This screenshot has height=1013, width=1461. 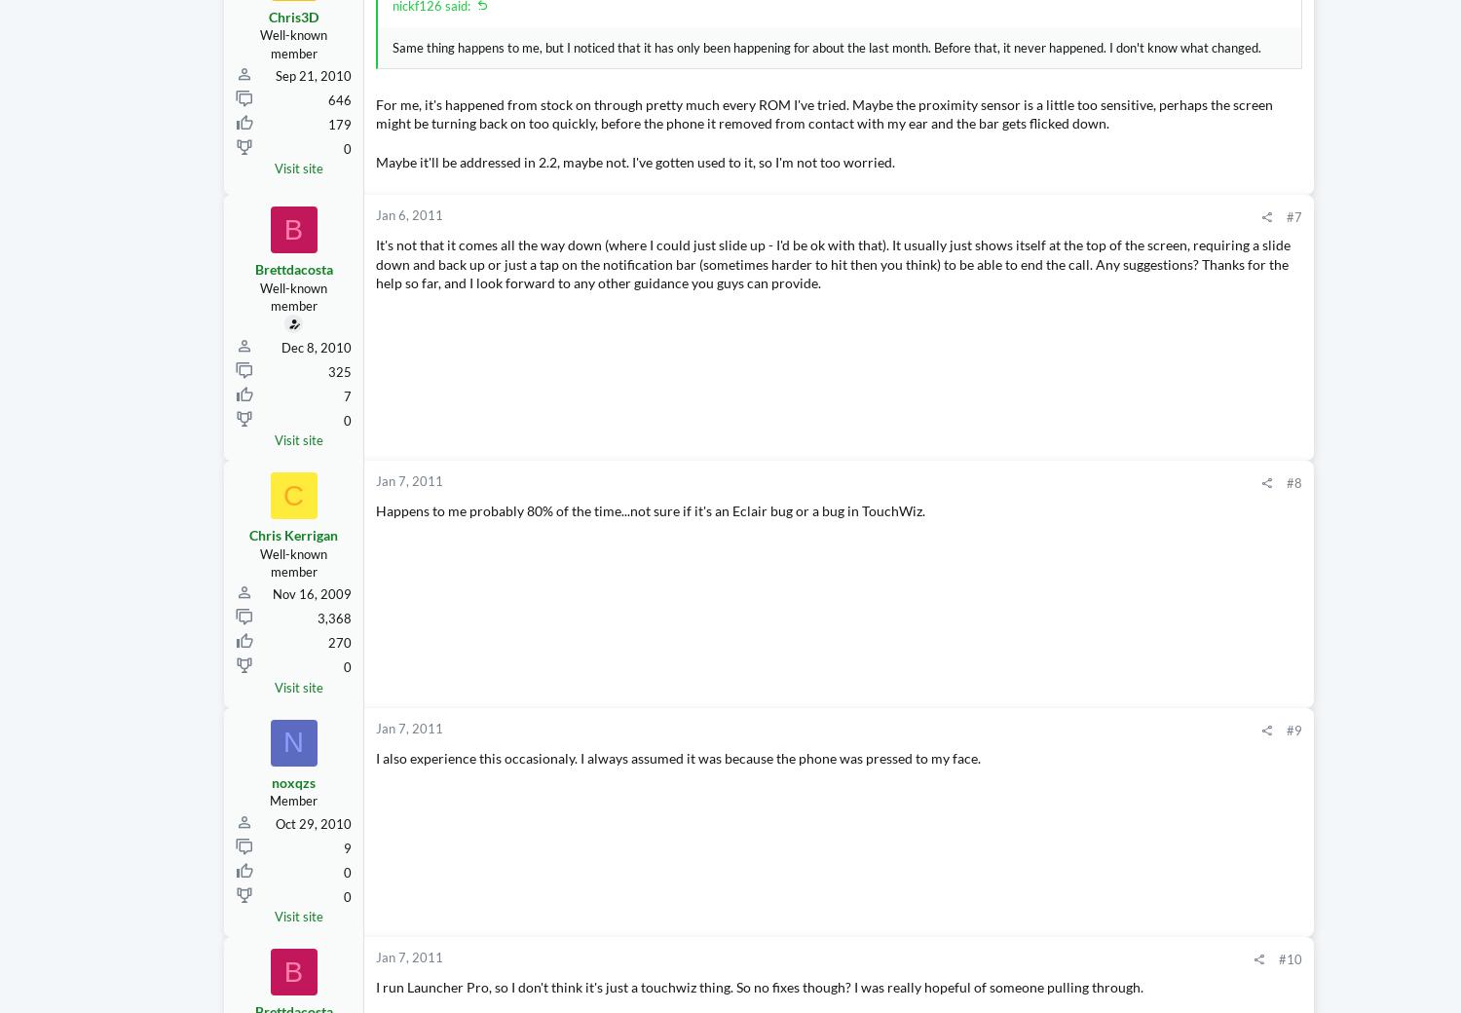 I want to click on 'Started by asimon', so click(x=1234, y=229).